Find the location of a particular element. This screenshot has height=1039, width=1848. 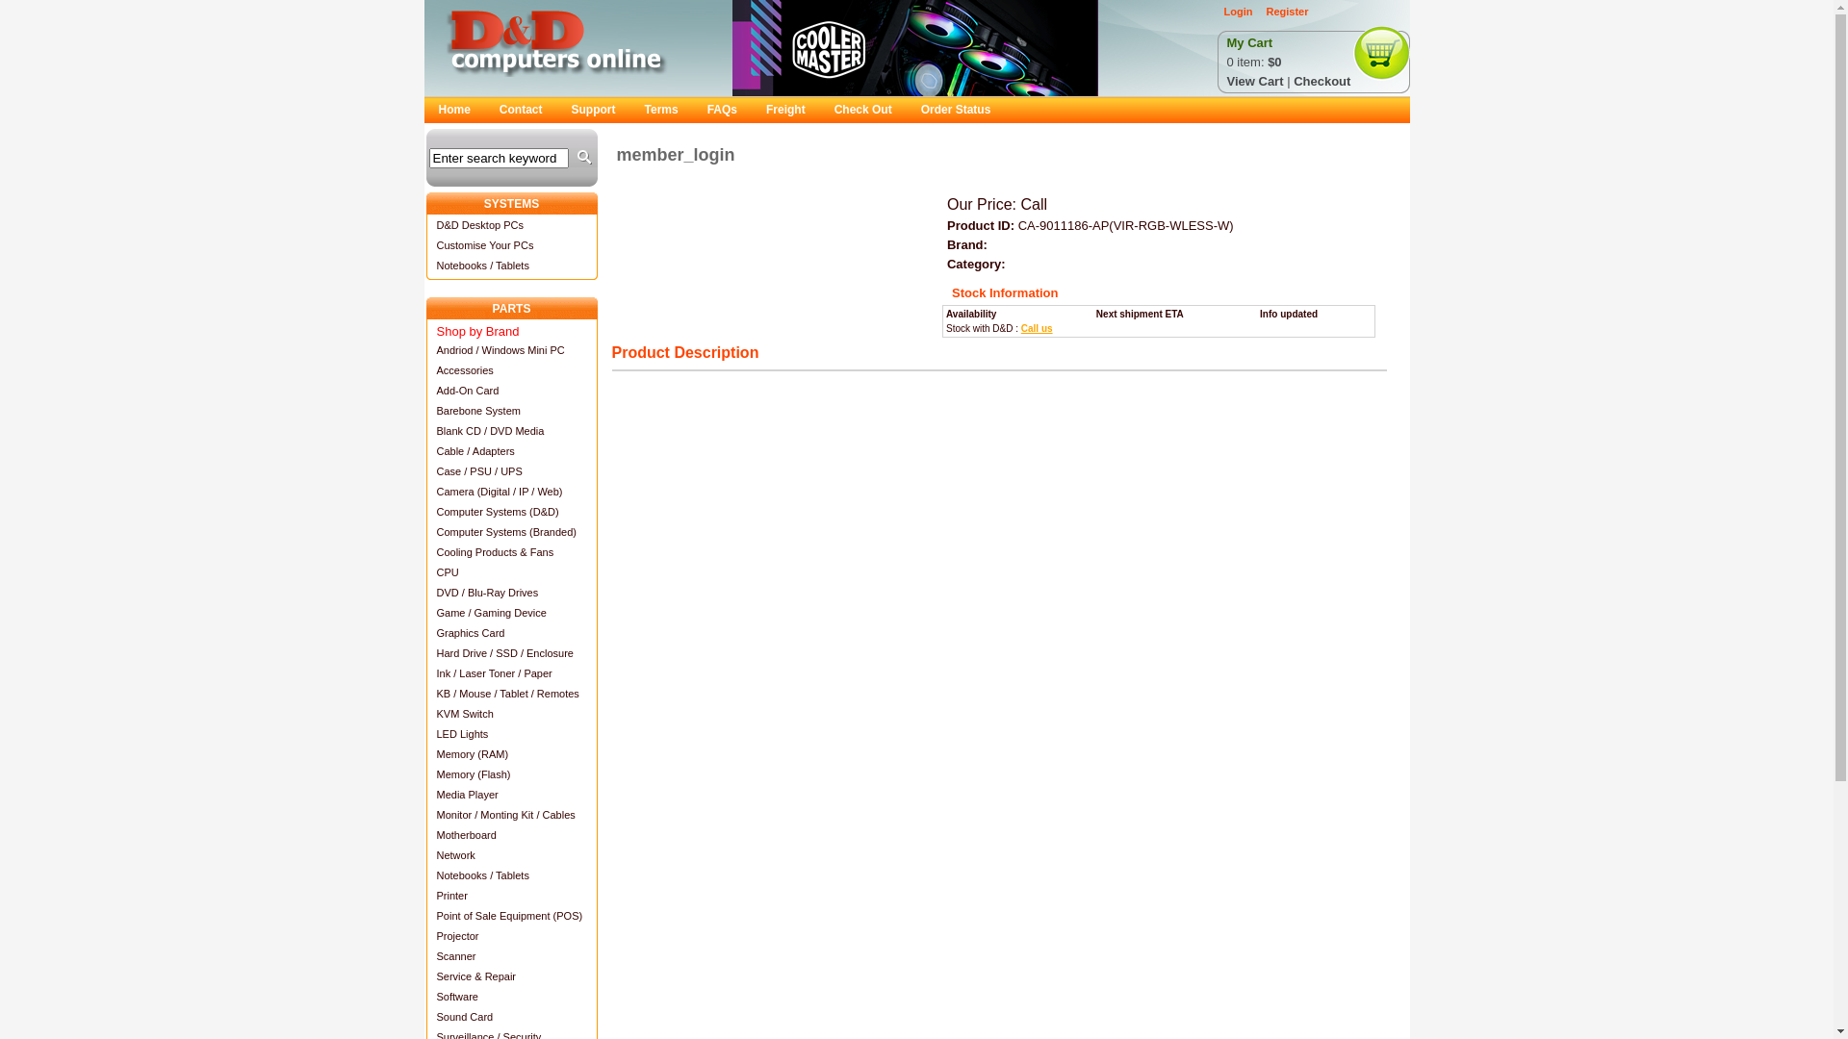

'Software' is located at coordinates (511, 996).